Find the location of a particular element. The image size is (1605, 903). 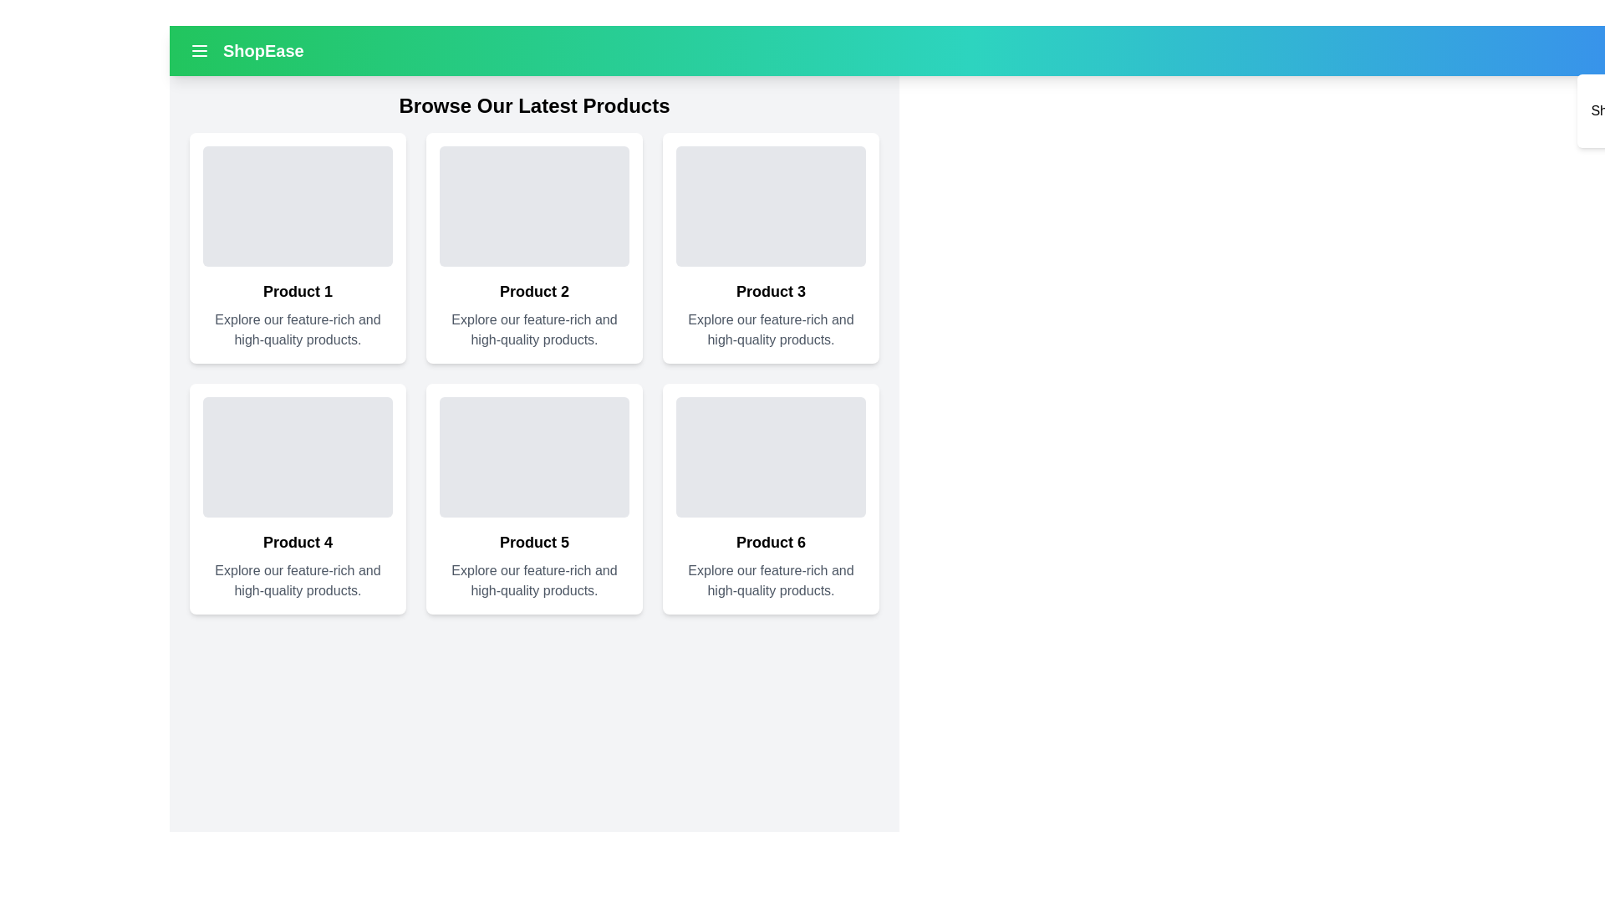

descriptive text block located inside the fourth card titled 'Product 4', positioned in the bottom-center area below the card title is located at coordinates (298, 579).